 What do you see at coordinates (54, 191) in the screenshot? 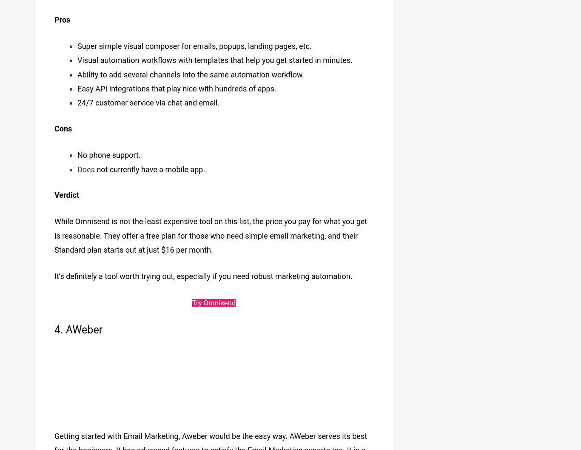
I see `'Verdict'` at bounding box center [54, 191].